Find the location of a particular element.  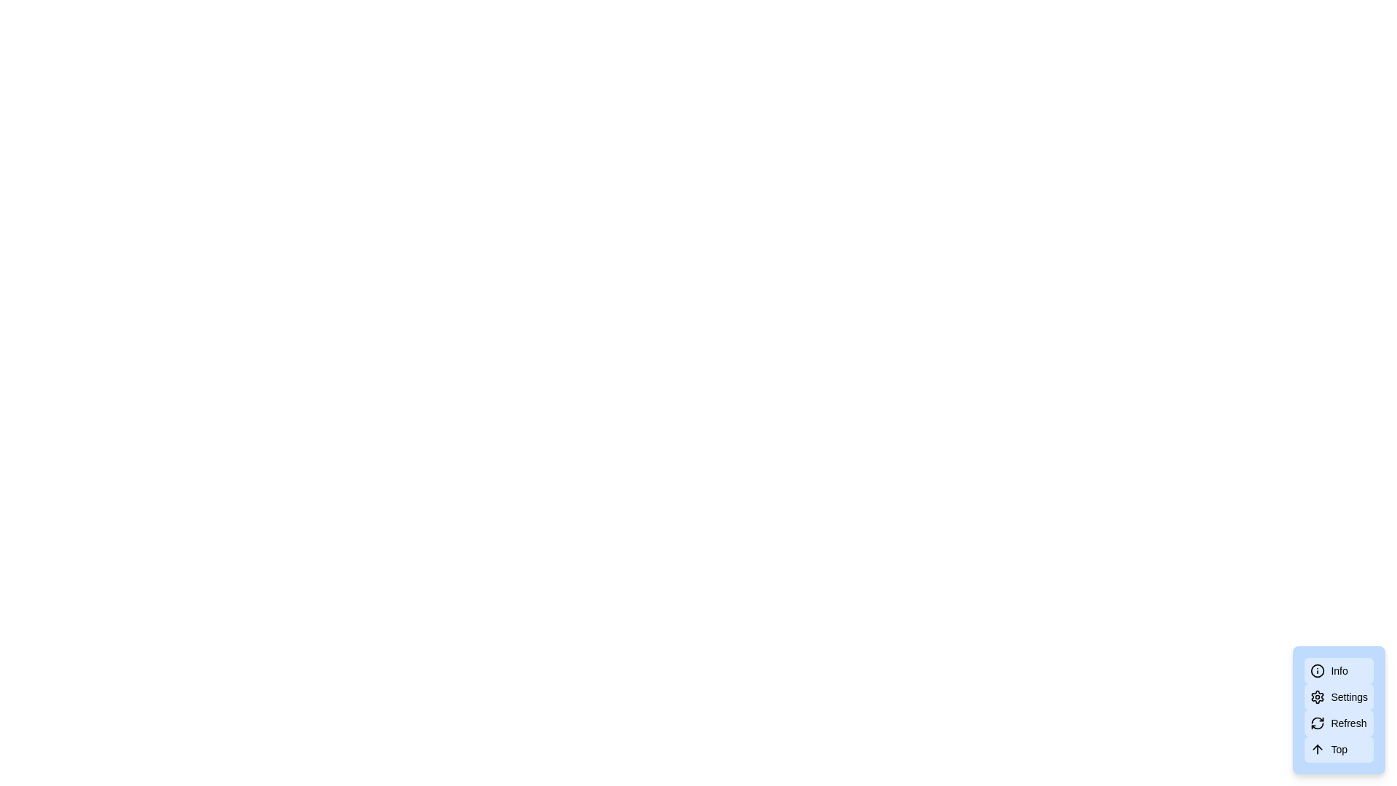

the circular refresh arrow icon located next to the 'Refresh' button in the bottom-right vertical menu is located at coordinates (1318, 723).